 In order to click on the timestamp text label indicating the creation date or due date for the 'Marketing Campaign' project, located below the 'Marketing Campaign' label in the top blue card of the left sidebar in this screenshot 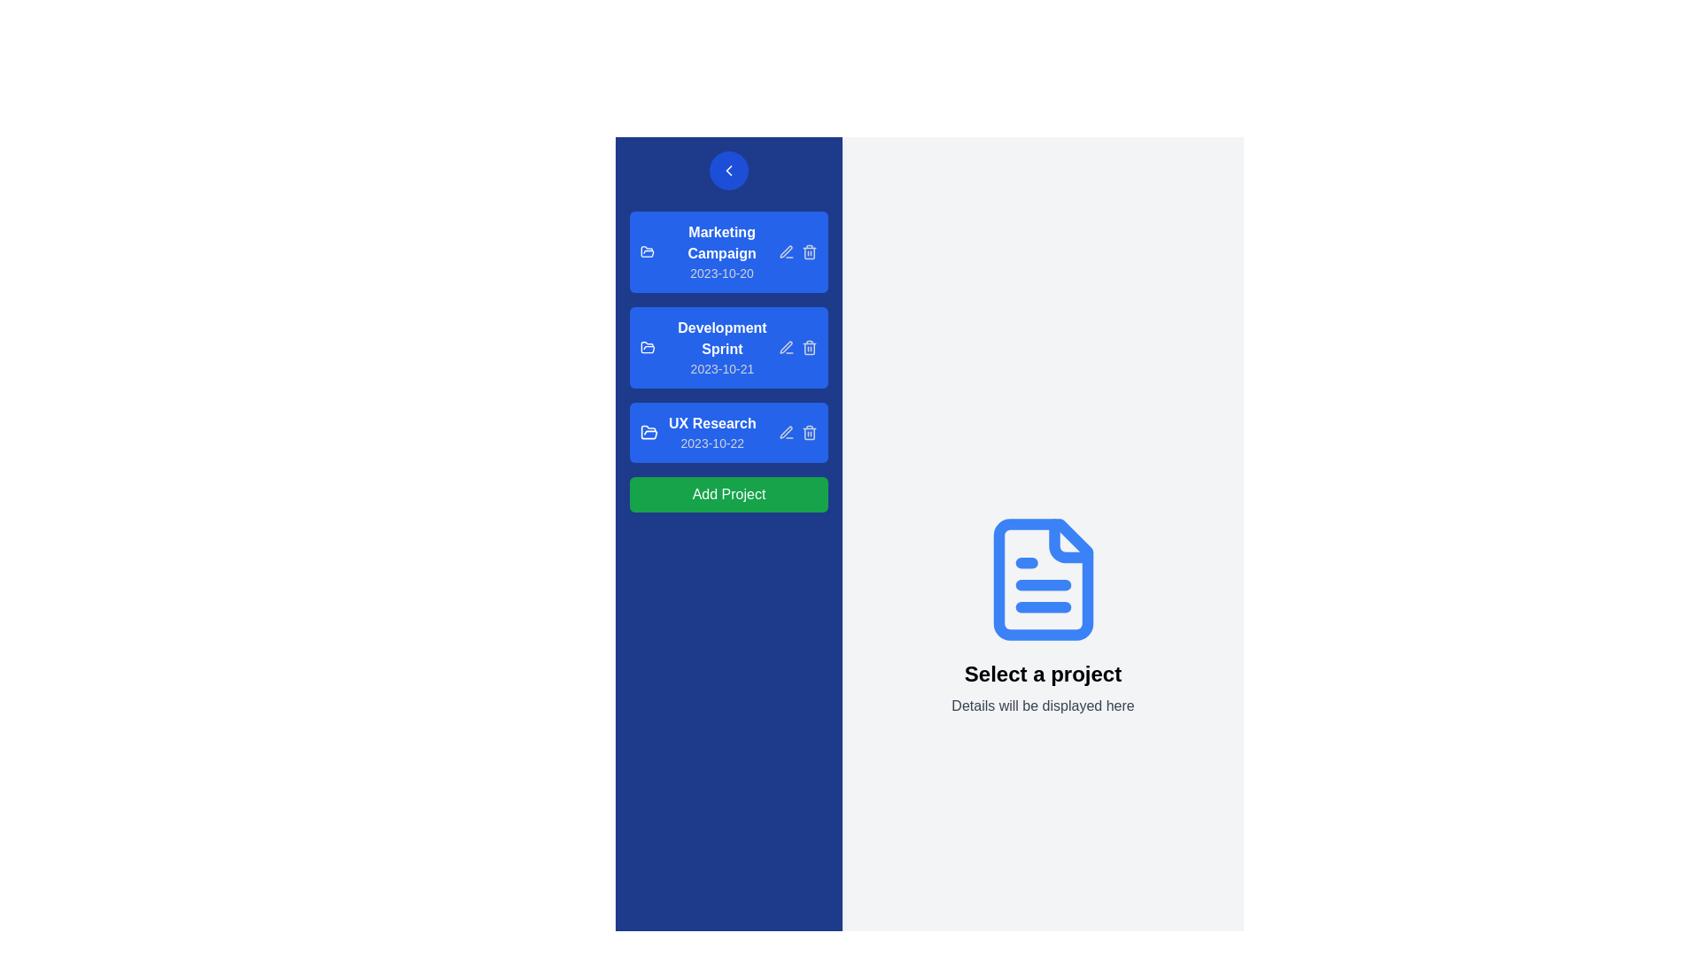, I will do `click(722, 273)`.